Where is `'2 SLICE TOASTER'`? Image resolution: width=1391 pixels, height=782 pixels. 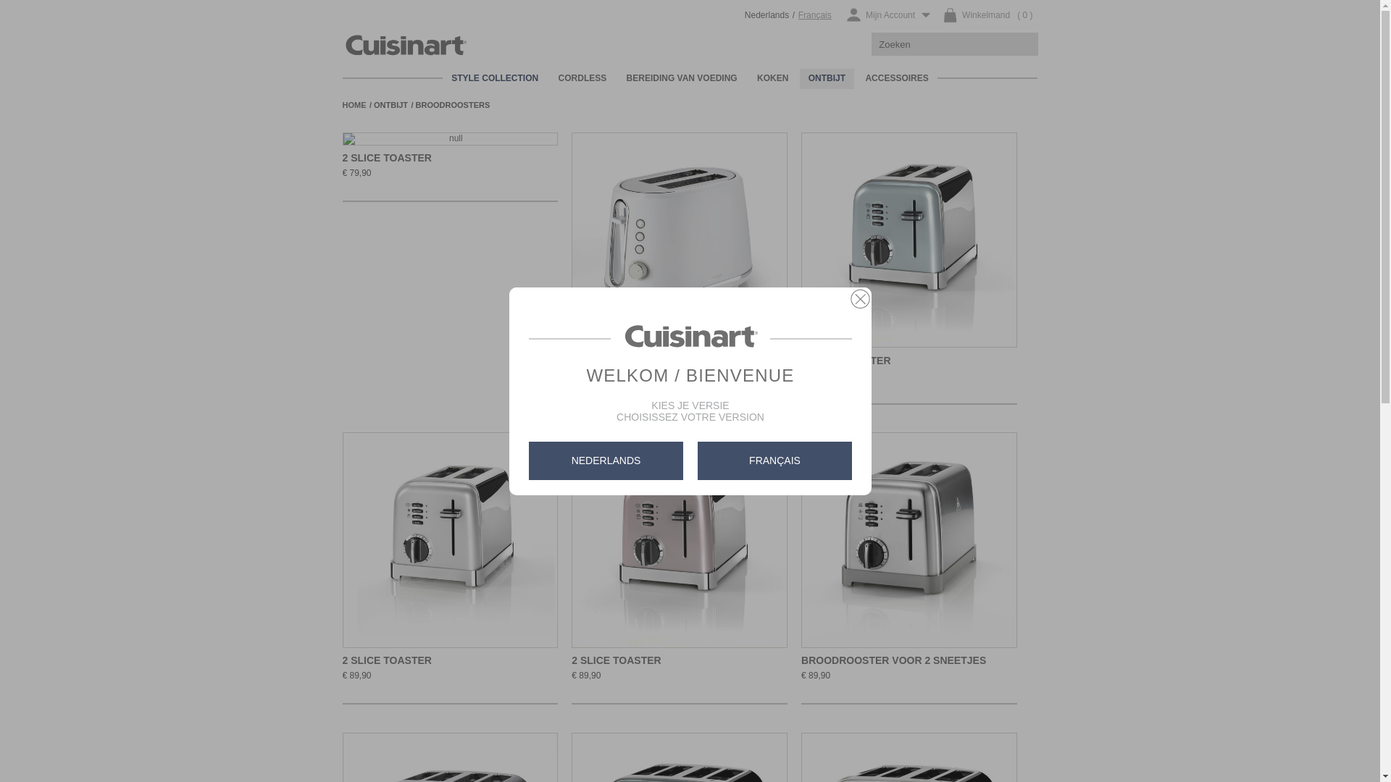
'2 SLICE TOASTER' is located at coordinates (570, 660).